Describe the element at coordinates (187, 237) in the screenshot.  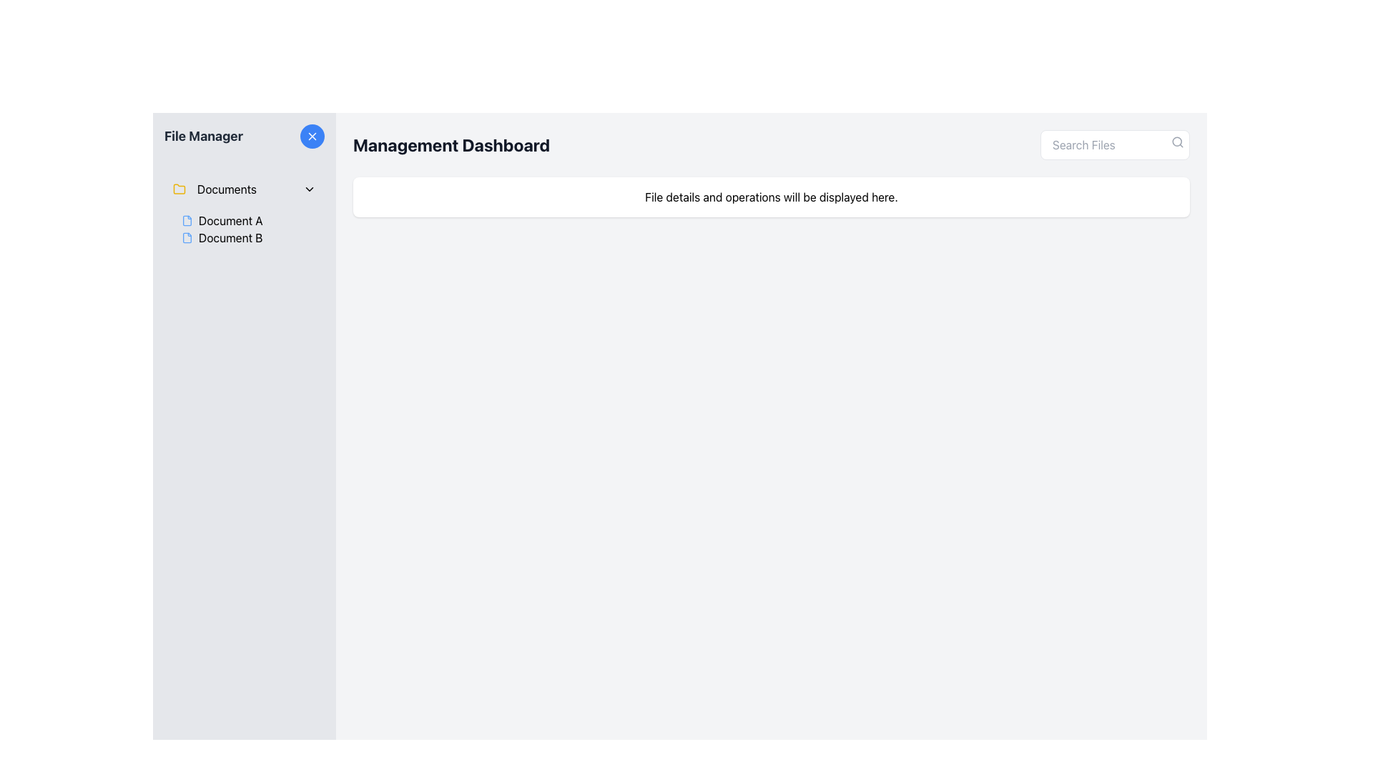
I see `the blue file document icon for 'Document B' in the left-side File Manager panel, located below 'Document A'` at that location.